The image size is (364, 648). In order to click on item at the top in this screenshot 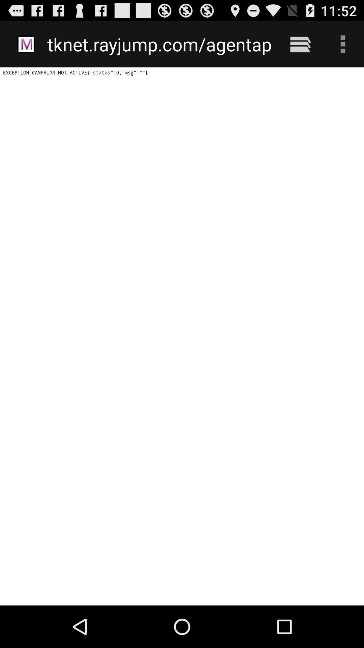, I will do `click(159, 44)`.